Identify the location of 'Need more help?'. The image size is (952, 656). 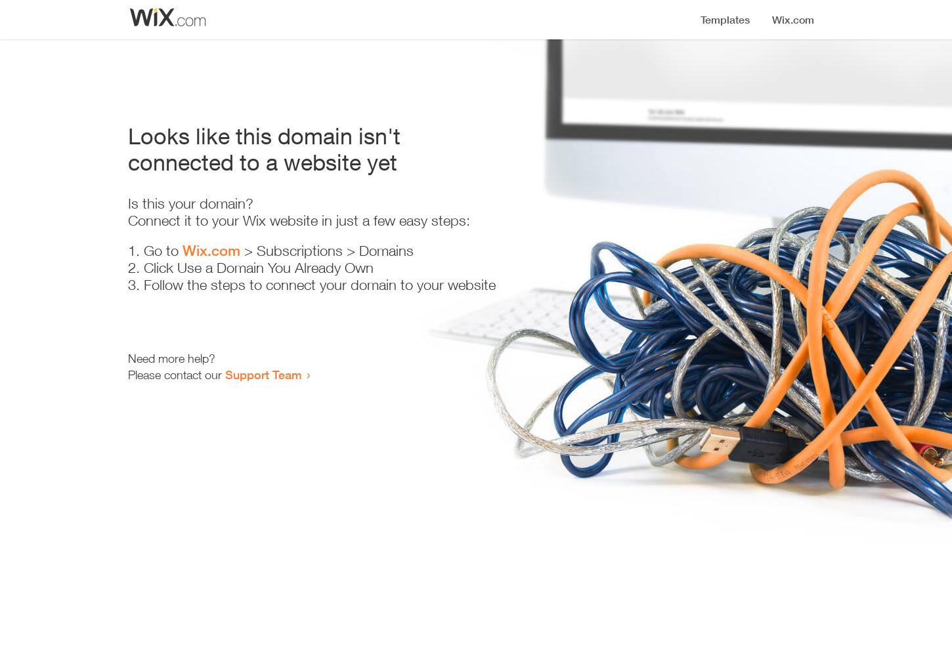
(171, 358).